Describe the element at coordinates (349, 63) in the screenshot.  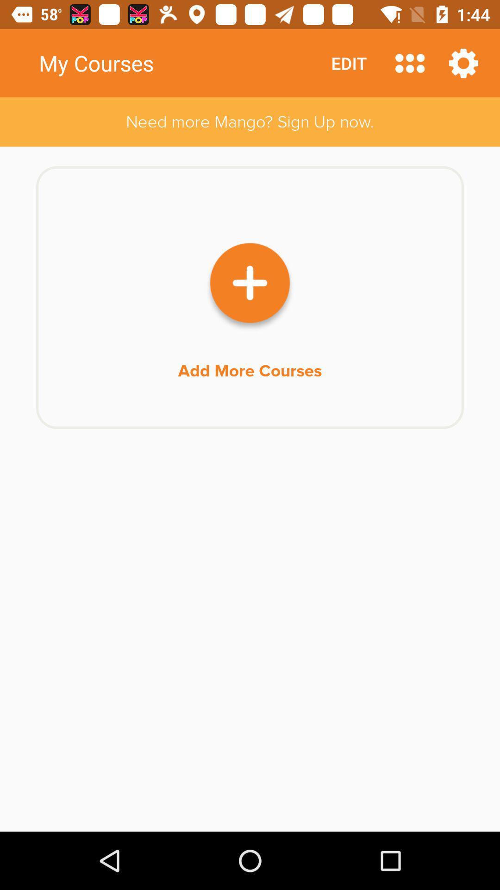
I see `icon next to my courses item` at that location.